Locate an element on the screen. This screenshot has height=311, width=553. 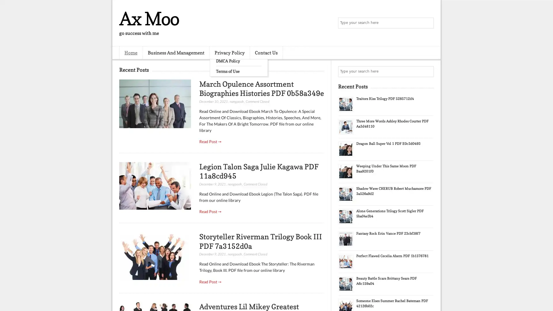
Search is located at coordinates (428, 23).